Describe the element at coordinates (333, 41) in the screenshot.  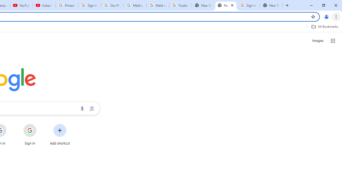
I see `'Google apps'` at that location.